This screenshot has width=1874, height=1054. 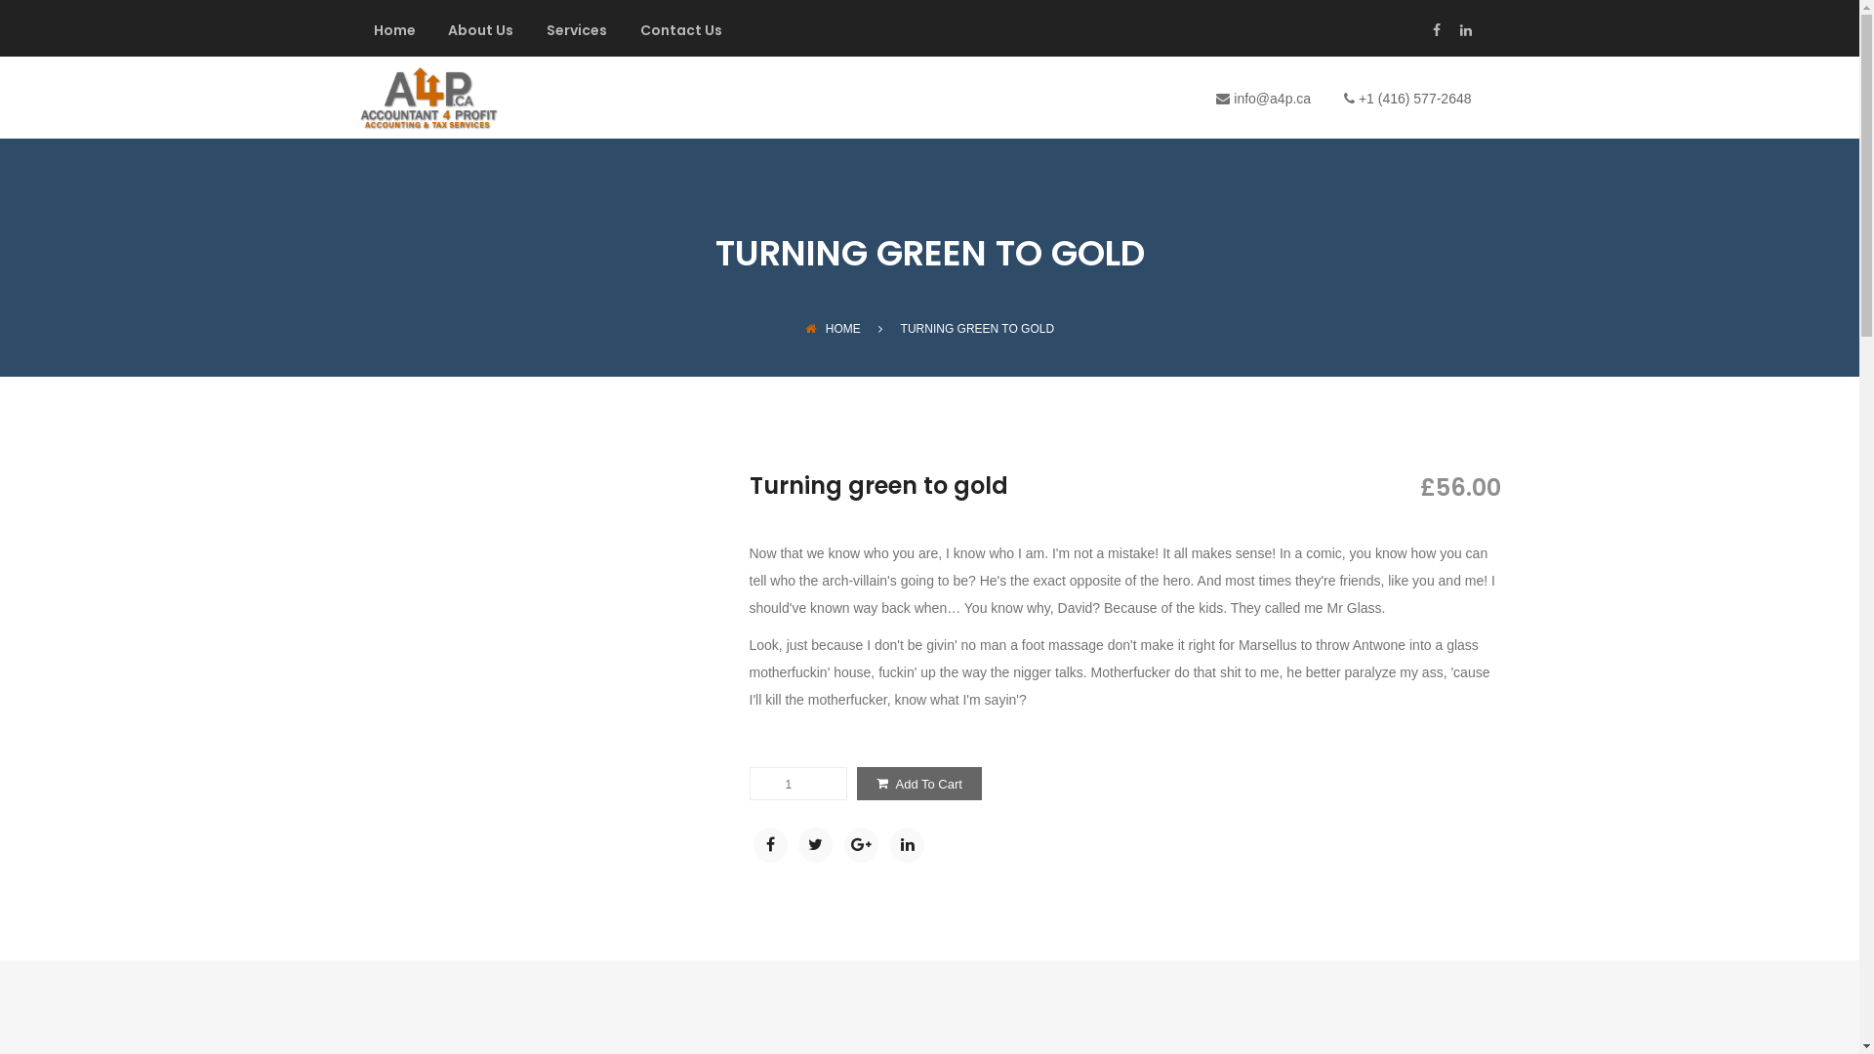 I want to click on 'Add To Cart', so click(x=917, y=782).